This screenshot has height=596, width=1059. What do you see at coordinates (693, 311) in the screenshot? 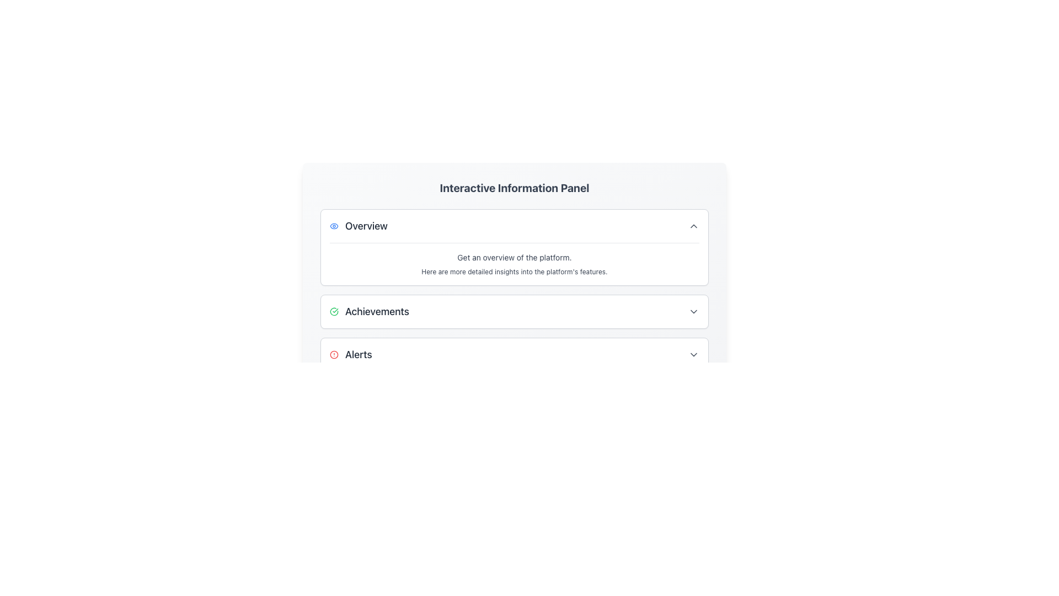
I see `the Dropdown Indicator Button located at the far right of the Achievements section` at bounding box center [693, 311].